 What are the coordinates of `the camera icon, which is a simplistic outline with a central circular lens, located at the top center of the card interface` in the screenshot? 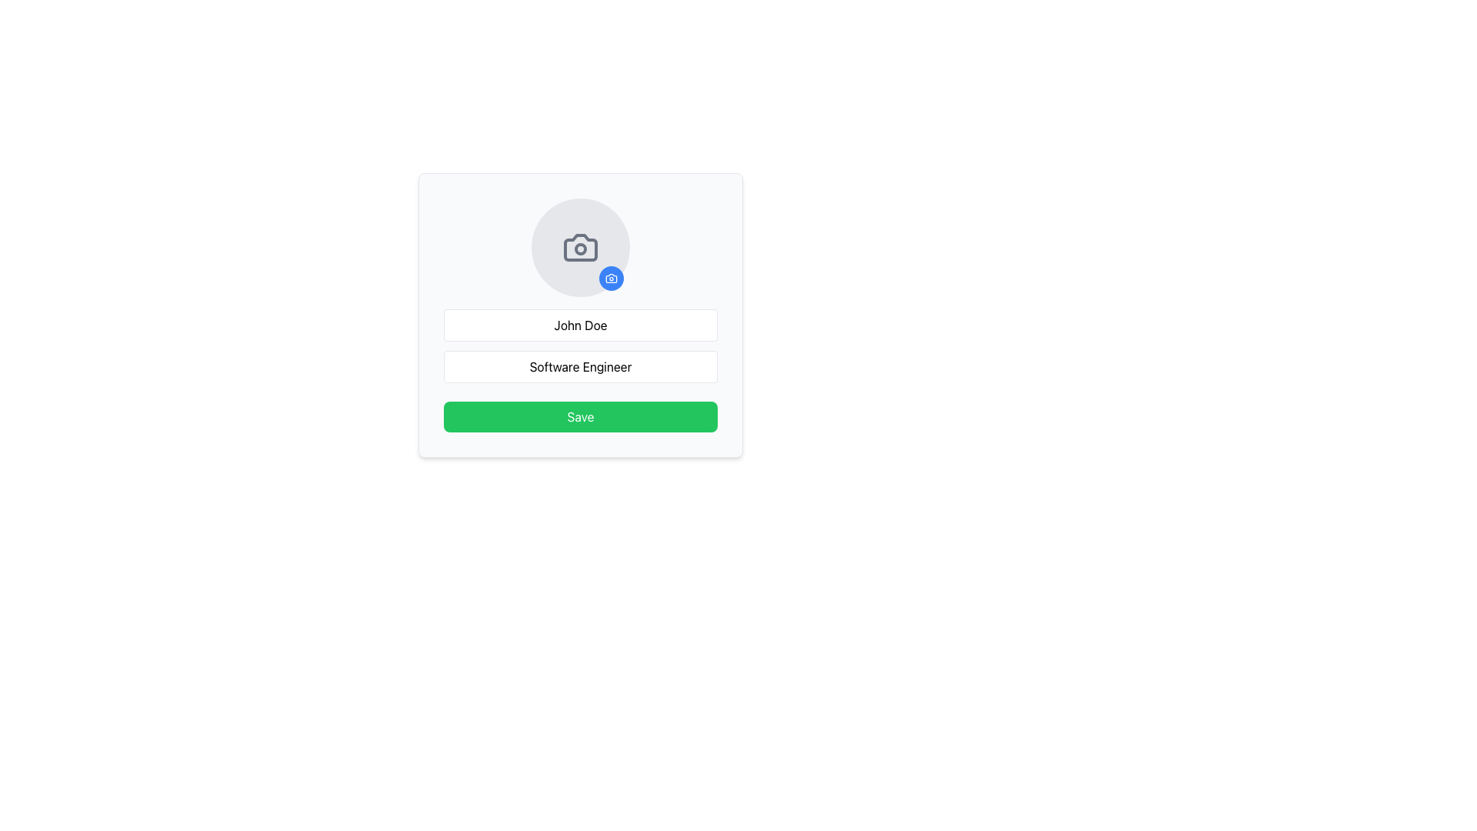 It's located at (611, 279).